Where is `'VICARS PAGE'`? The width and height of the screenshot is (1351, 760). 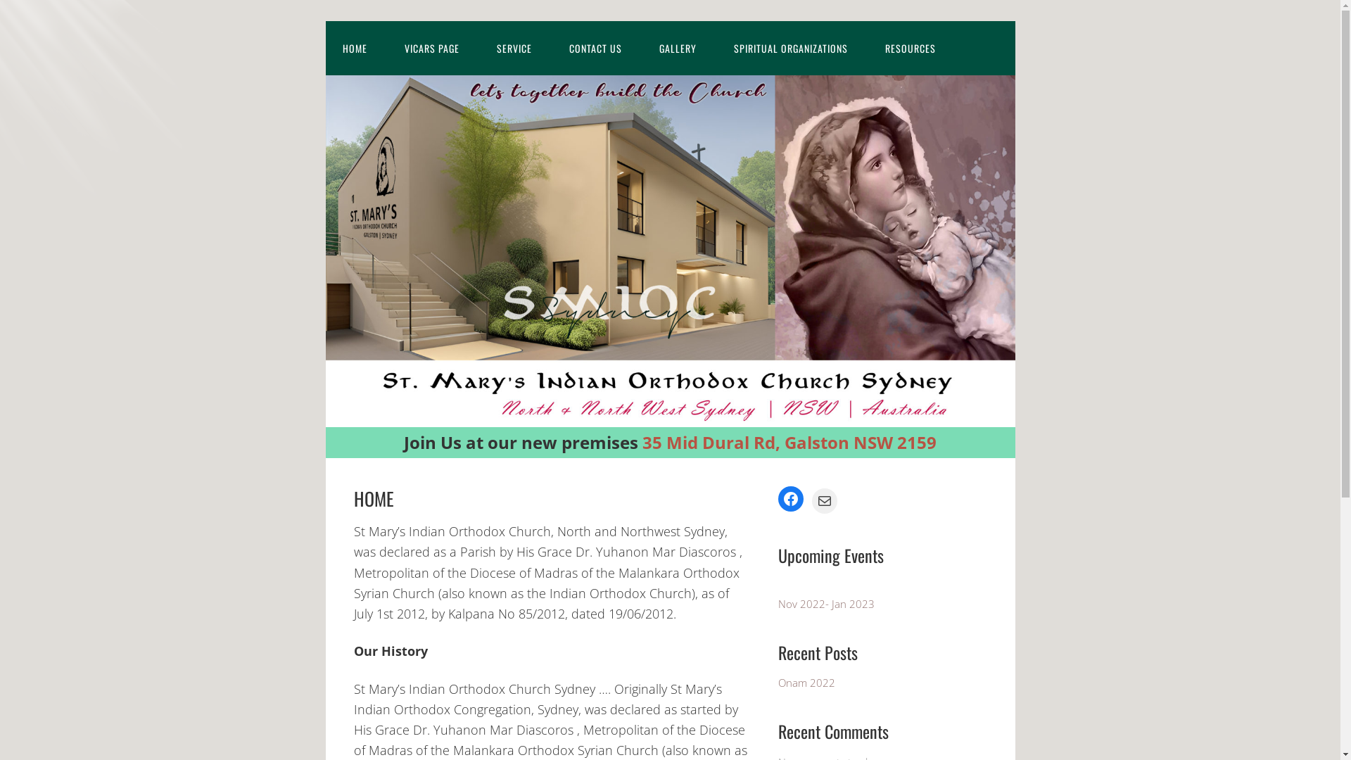 'VICARS PAGE' is located at coordinates (431, 47).